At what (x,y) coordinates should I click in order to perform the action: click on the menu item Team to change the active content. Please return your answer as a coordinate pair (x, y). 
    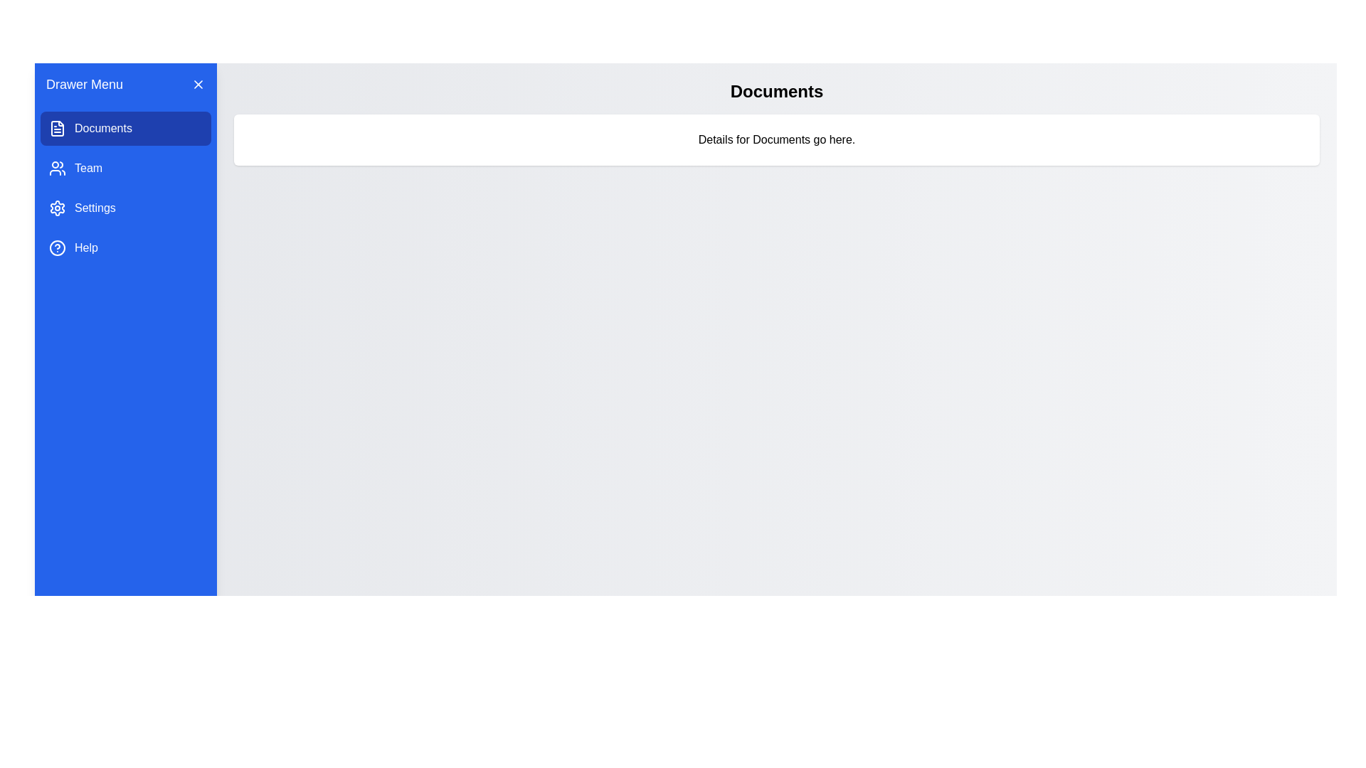
    Looking at the image, I should click on (126, 167).